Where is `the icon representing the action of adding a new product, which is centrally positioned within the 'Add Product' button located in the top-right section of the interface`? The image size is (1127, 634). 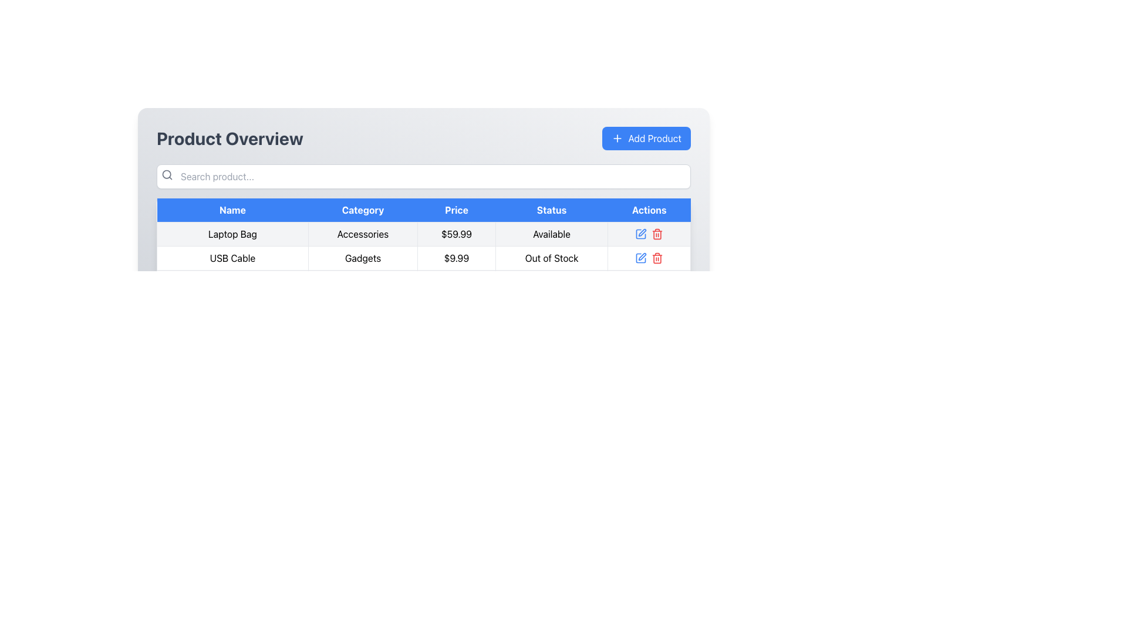
the icon representing the action of adding a new product, which is centrally positioned within the 'Add Product' button located in the top-right section of the interface is located at coordinates (617, 137).